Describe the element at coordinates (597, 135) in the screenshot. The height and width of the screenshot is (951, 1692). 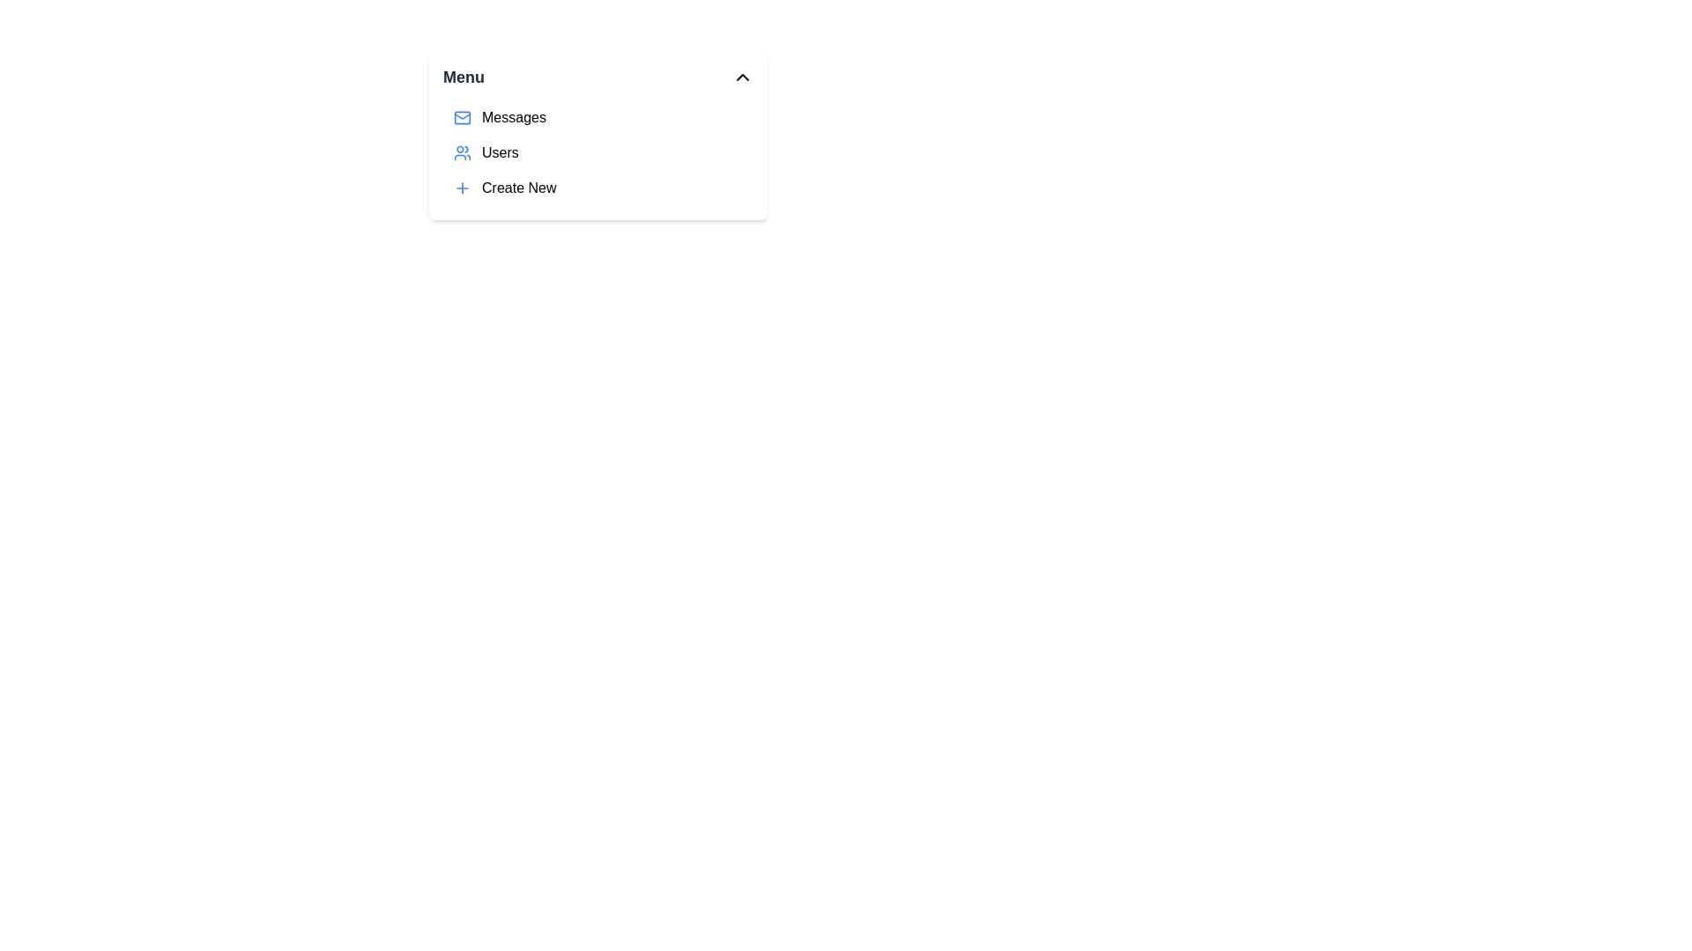
I see `the navigational menu at the top-left corner` at that location.